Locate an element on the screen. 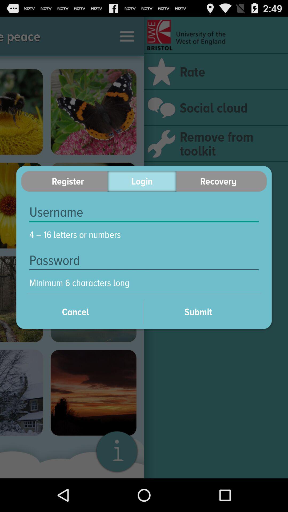  username is located at coordinates (144, 212).